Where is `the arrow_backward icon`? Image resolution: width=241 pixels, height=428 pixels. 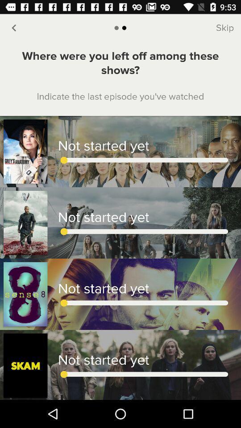 the arrow_backward icon is located at coordinates (13, 28).